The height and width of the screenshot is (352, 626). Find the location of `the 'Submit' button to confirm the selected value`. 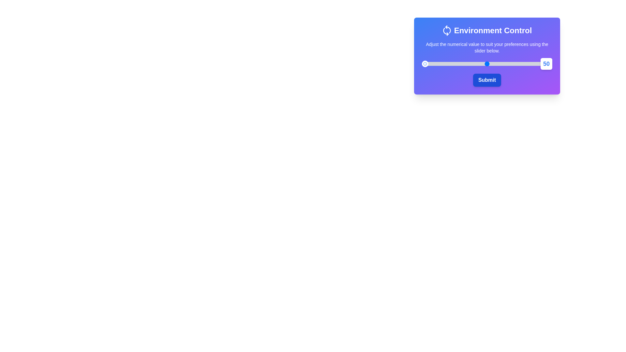

the 'Submit' button to confirm the selected value is located at coordinates (487, 80).